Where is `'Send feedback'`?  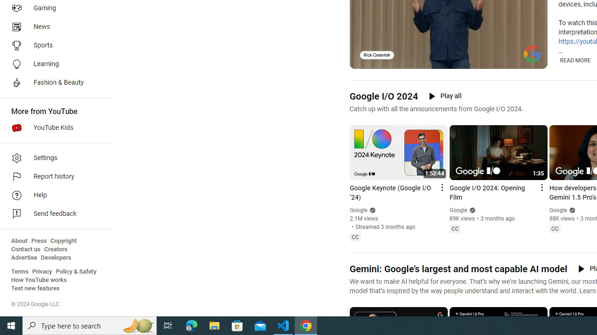
'Send feedback' is located at coordinates (52, 214).